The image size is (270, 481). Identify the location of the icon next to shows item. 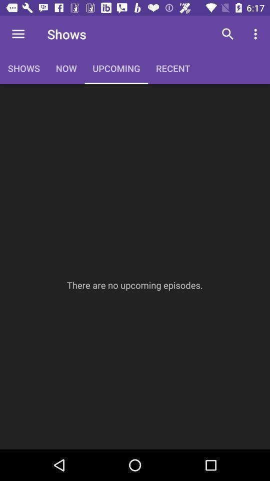
(18, 34).